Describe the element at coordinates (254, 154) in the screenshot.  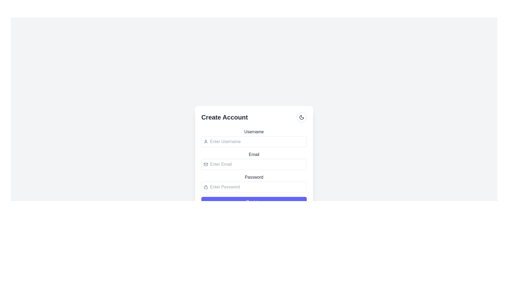
I see `the text label indicating the email input field, which is positioned above the email entry field in the middle section of the form layout` at that location.